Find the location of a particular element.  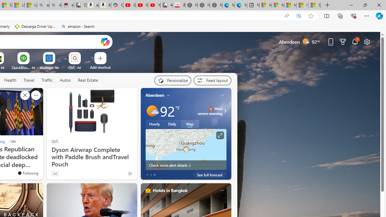

'amazon - Search' is located at coordinates (78, 26).